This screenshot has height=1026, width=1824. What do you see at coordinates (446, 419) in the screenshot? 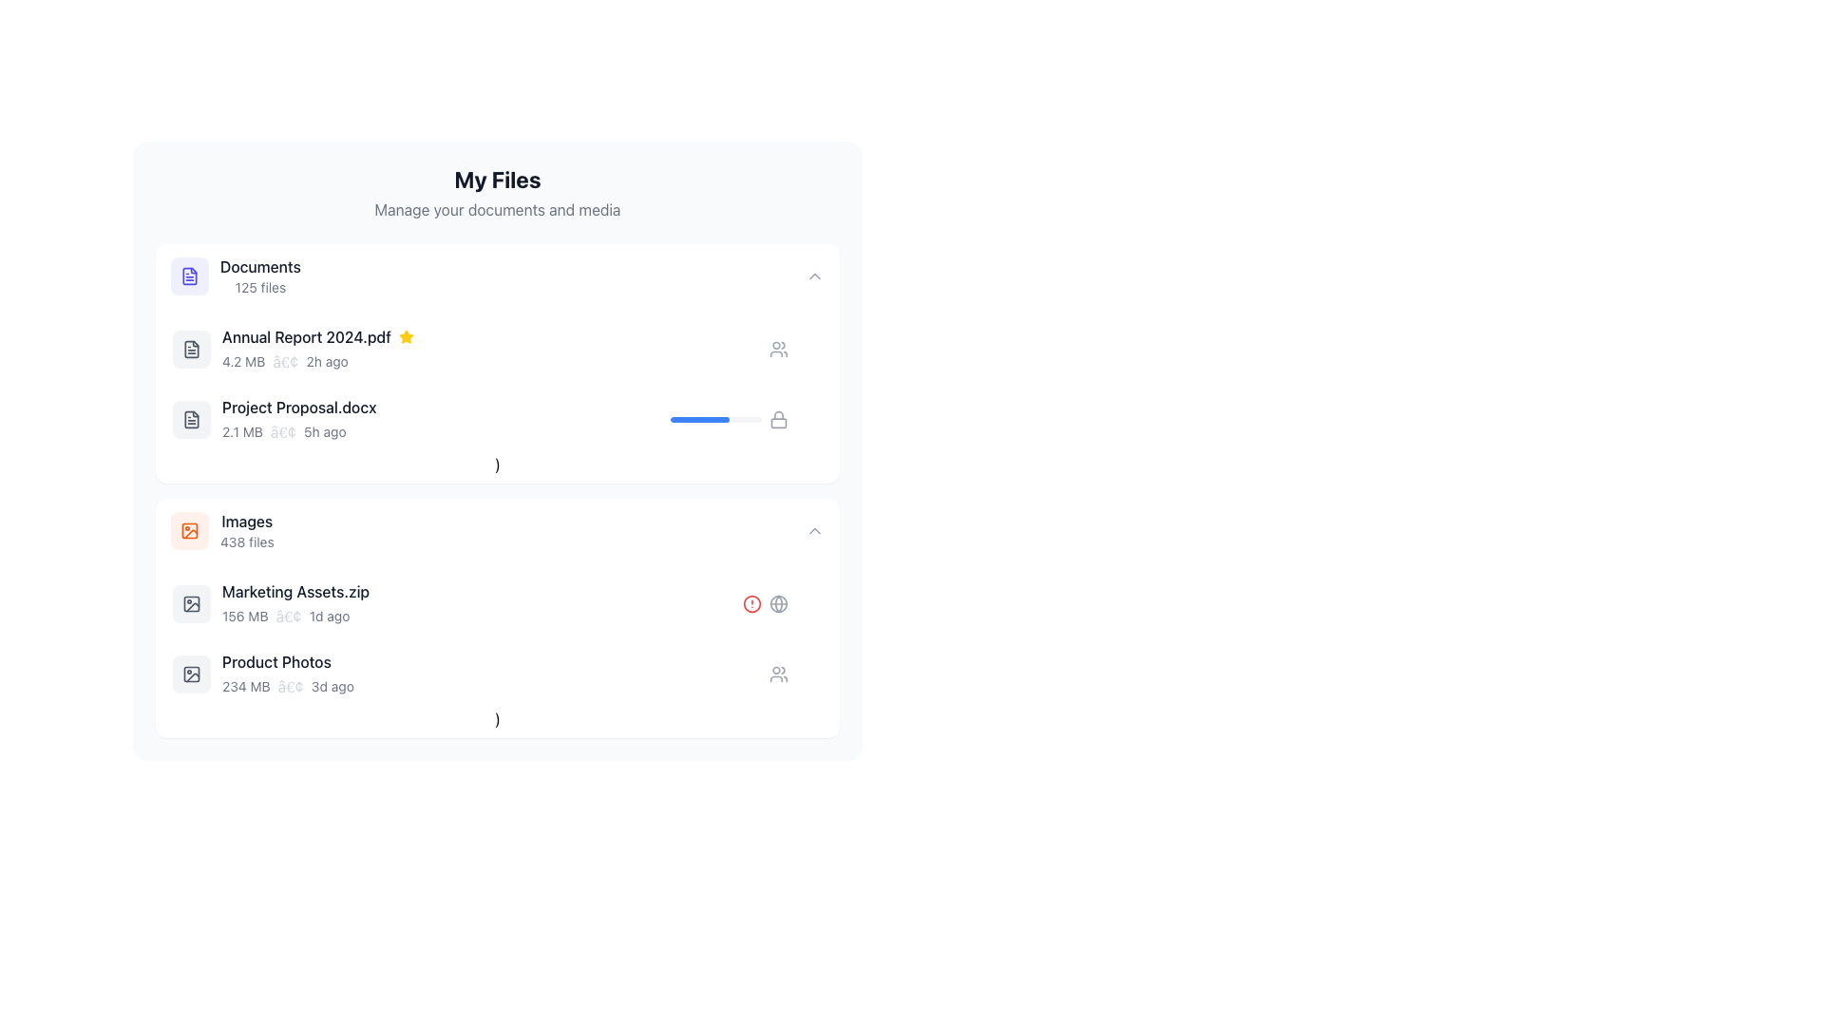
I see `the second file entry in the document management interface, located below 'Annual Report 2024.pdf' and above 'Images'` at bounding box center [446, 419].